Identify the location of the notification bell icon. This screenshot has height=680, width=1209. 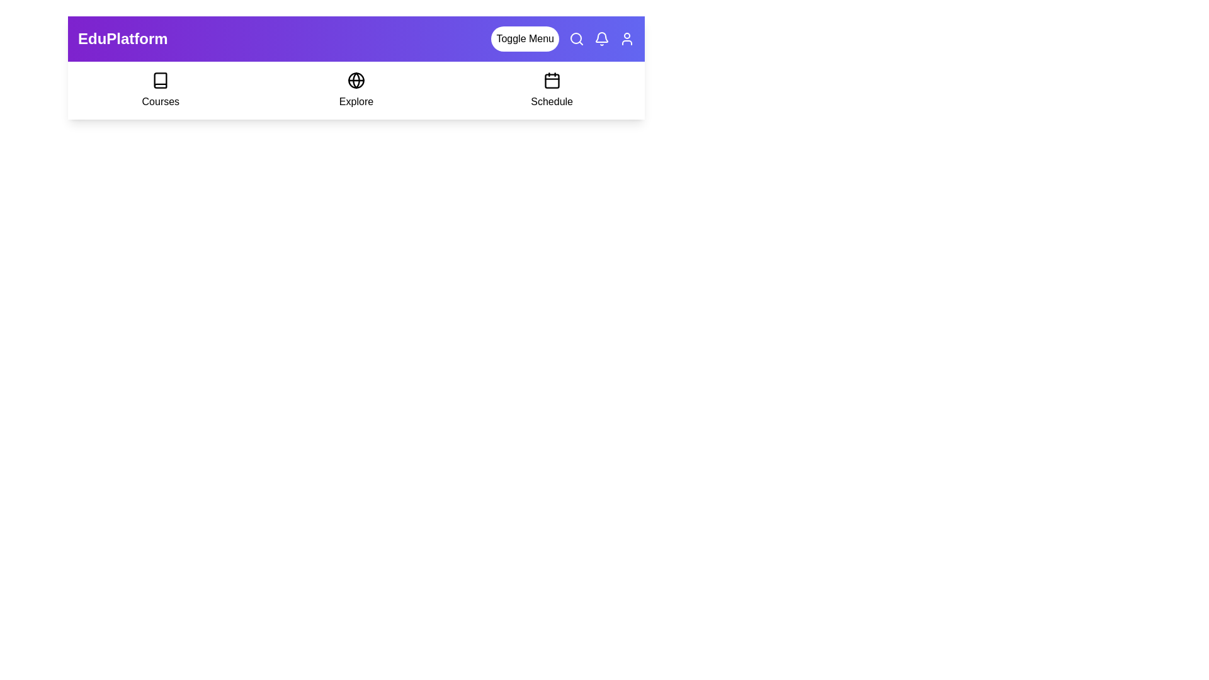
(601, 38).